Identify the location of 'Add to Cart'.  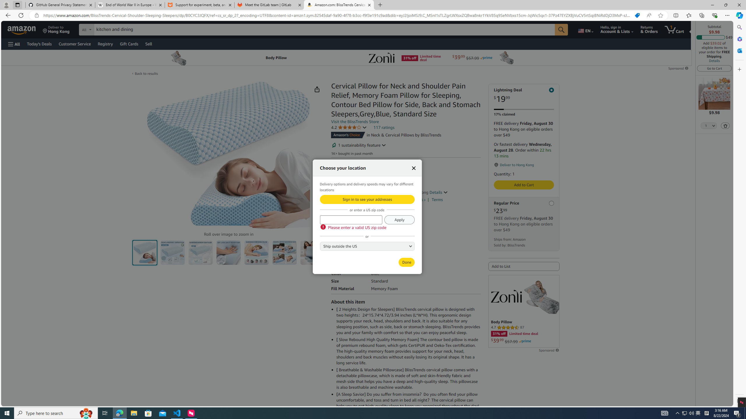
(524, 185).